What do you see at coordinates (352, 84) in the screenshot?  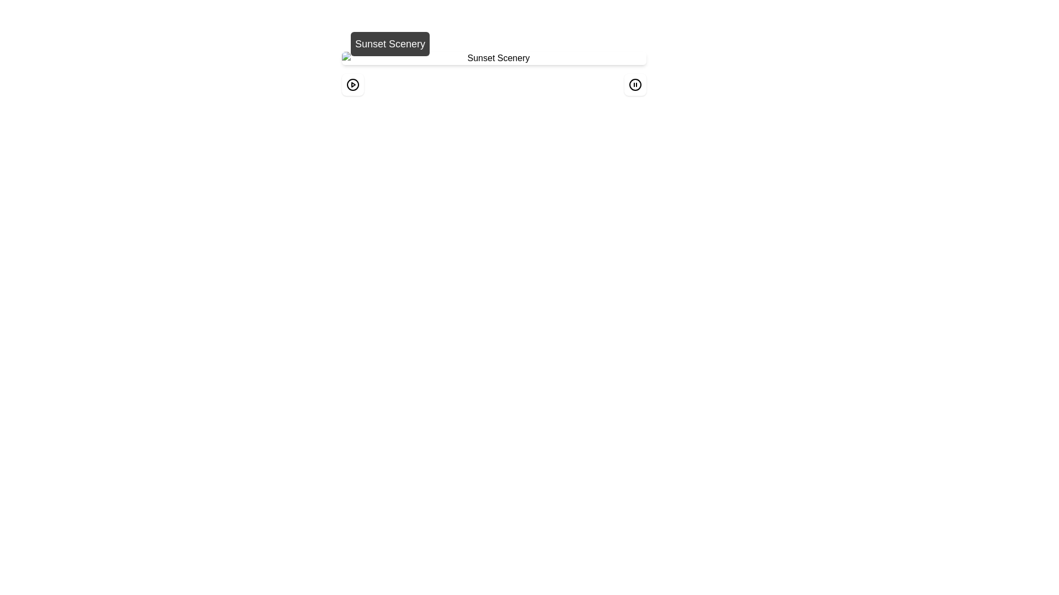 I see `the play button icon located below the label 'Sunset Scenery', which is within a small circle and aligned close to the left of the displayed image` at bounding box center [352, 84].